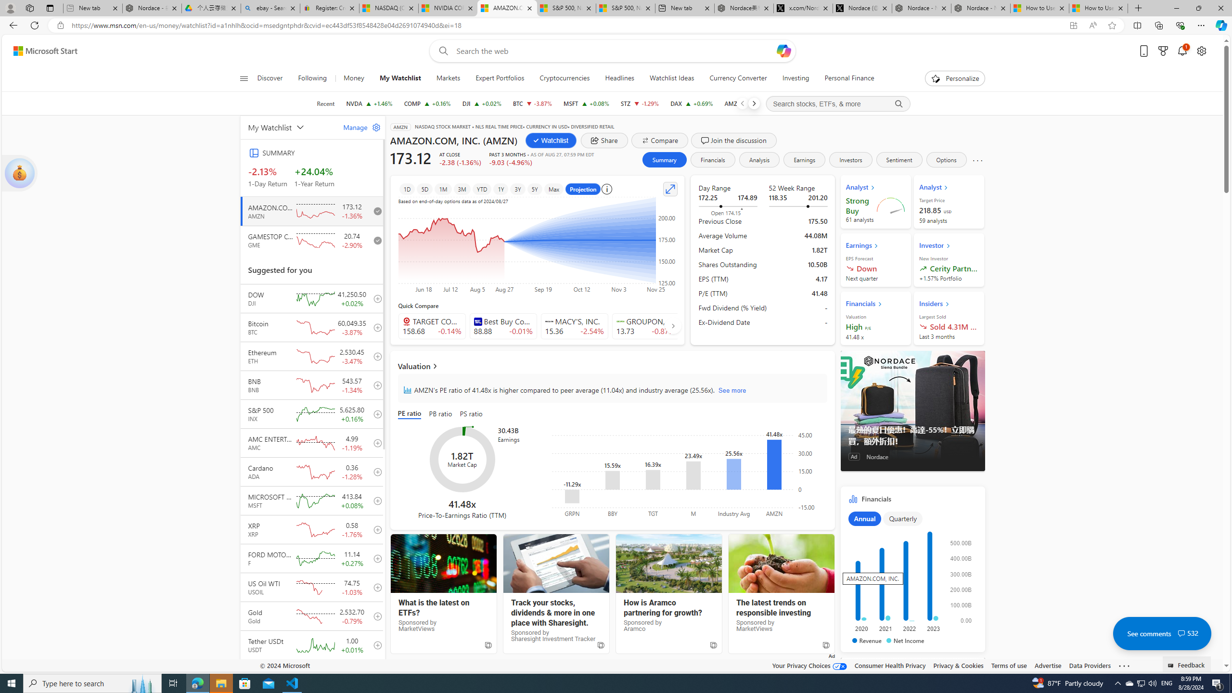  I want to click on 'Compare', so click(659, 140).